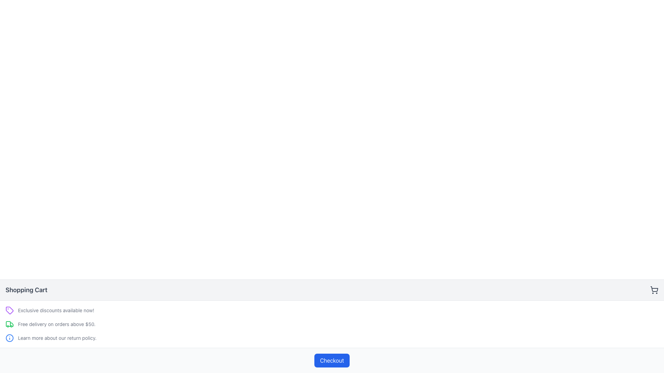  I want to click on the blue circular information icon located to the left of the 'Learn more about our return policy' text for additional details, so click(10, 338).